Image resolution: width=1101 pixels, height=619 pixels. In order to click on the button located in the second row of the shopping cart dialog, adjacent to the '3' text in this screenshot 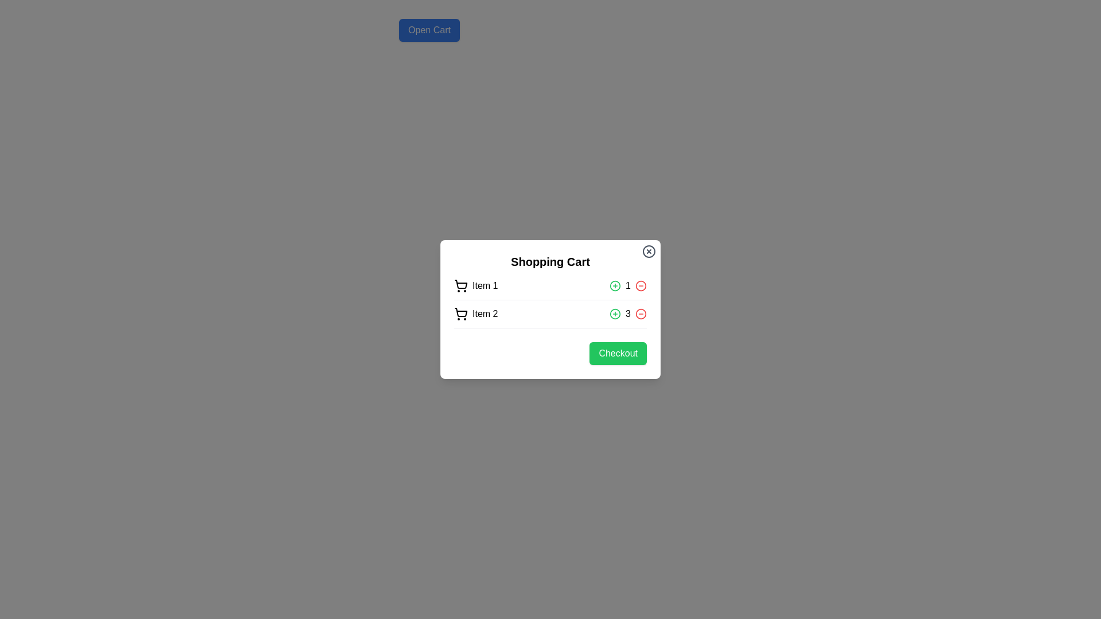, I will do `click(615, 314)`.